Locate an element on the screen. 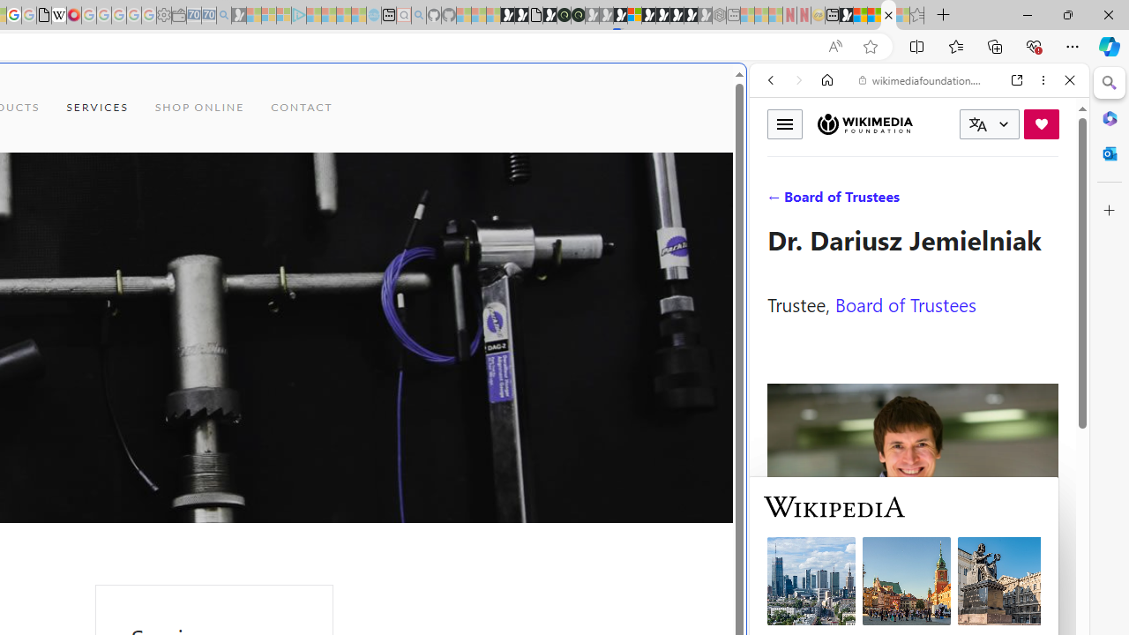 The image size is (1129, 635). 'Search the web' is located at coordinates (927, 121).